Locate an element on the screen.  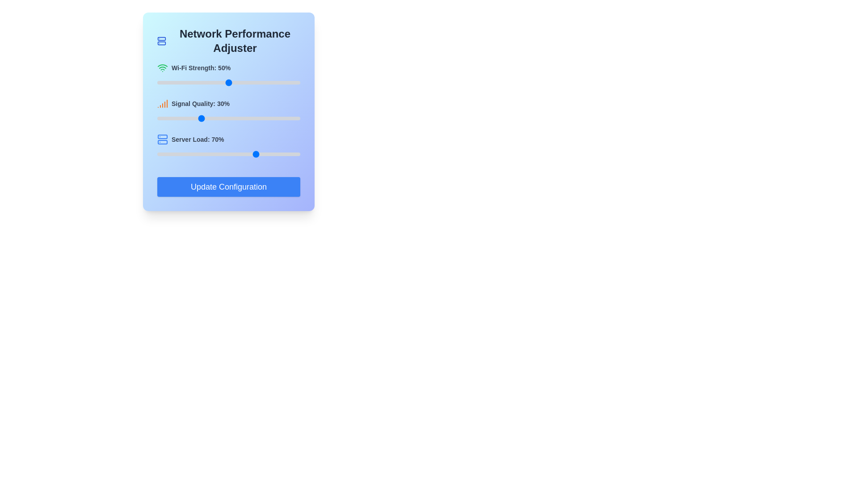
the Server Load slider is located at coordinates (257, 153).